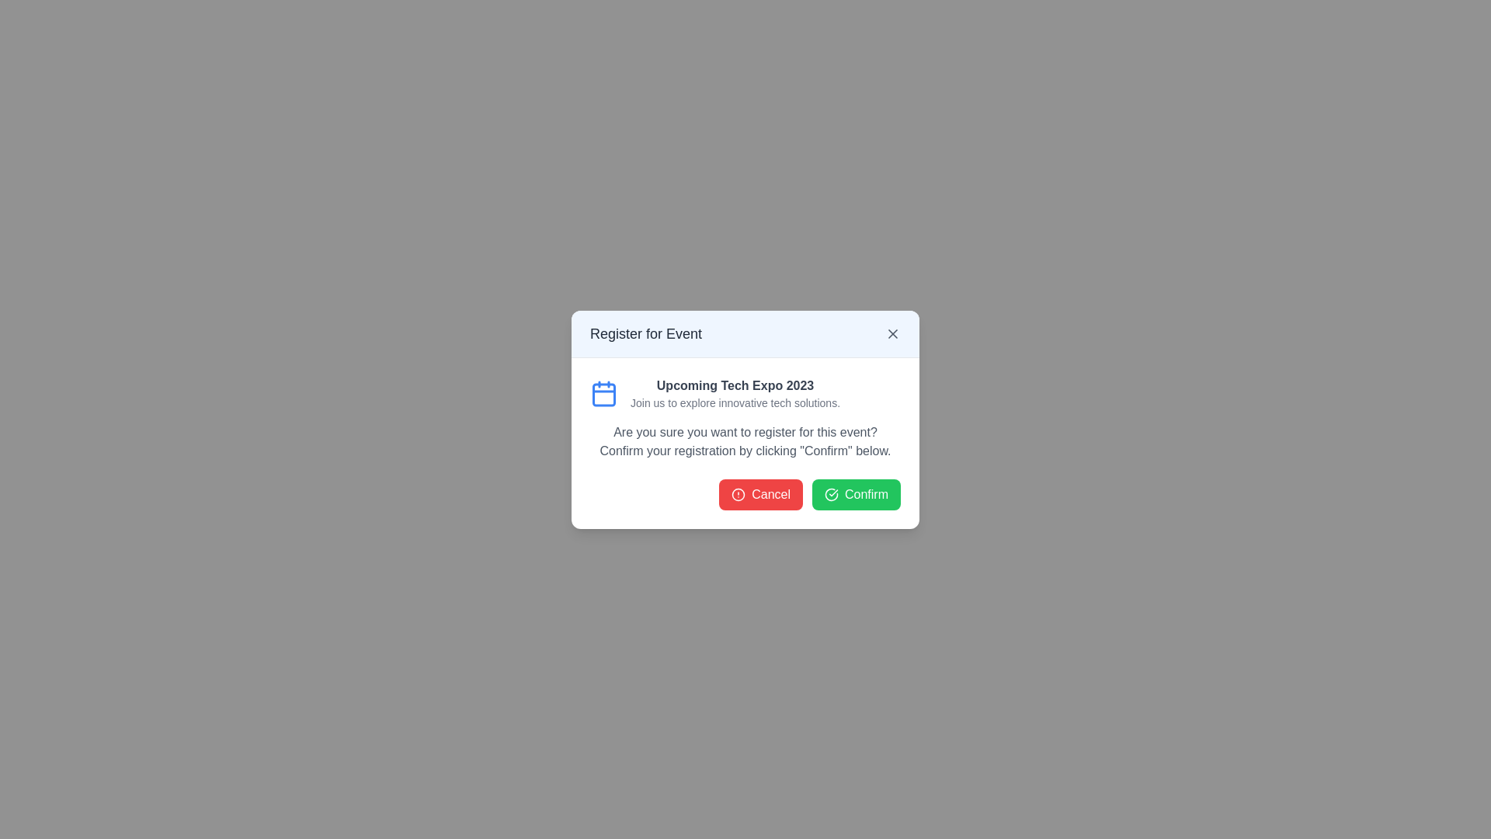 This screenshot has height=839, width=1491. What do you see at coordinates (603, 392) in the screenshot?
I see `the calendar event icon located at the top-left corner of the dialog box, to the left of the text 'Upcoming Tech Expo 2023'` at bounding box center [603, 392].